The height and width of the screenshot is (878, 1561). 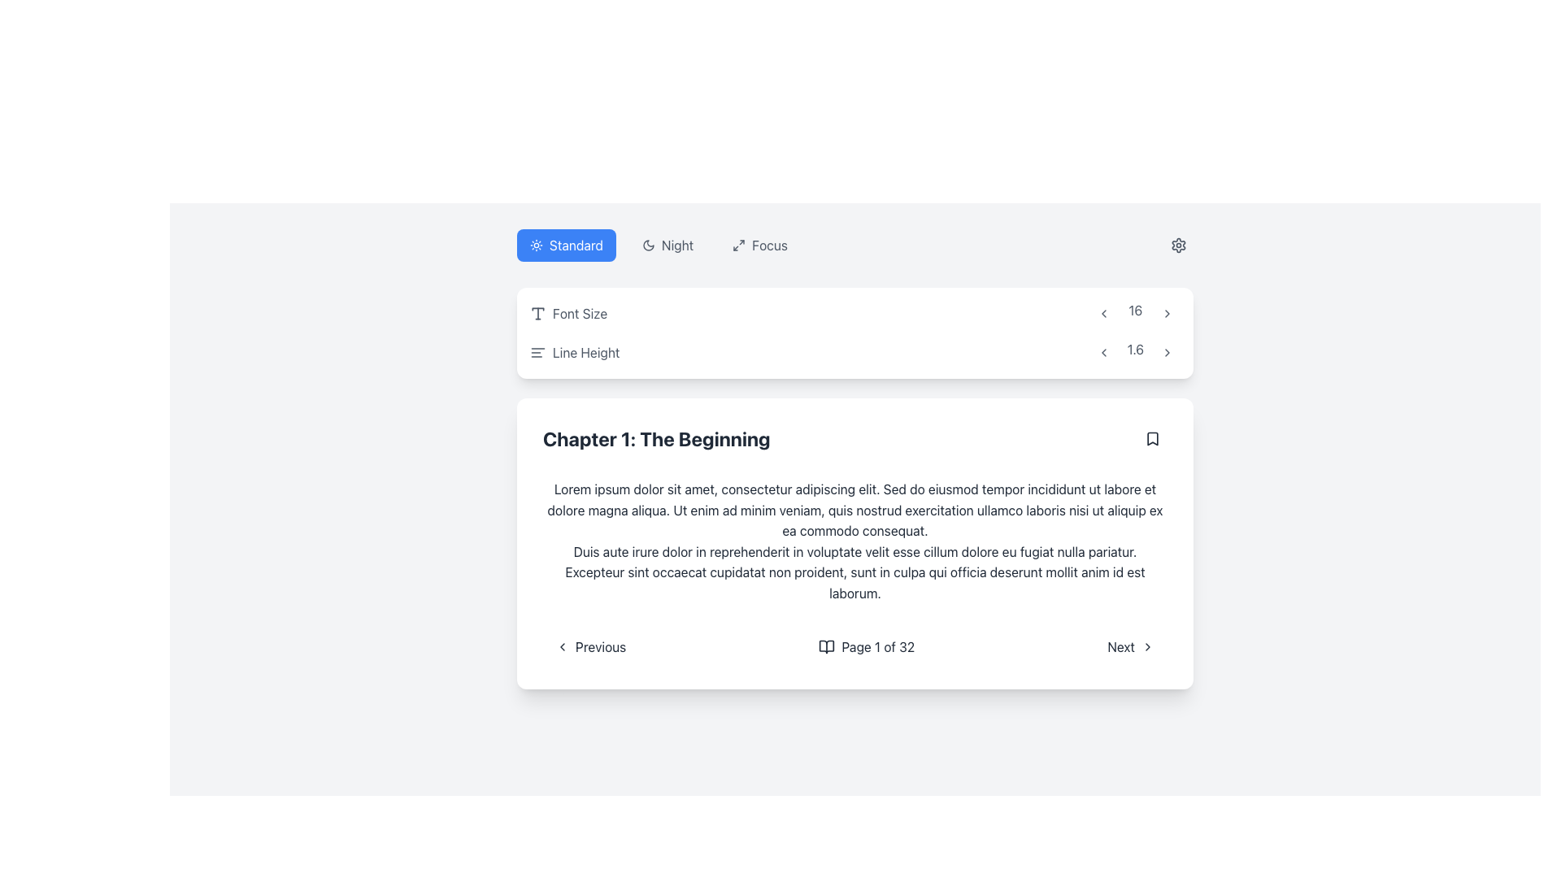 I want to click on the rightward-facing chevron icon located immediately after the text 'Next' in the bottom-right corner of the central card interface, so click(x=1146, y=645).